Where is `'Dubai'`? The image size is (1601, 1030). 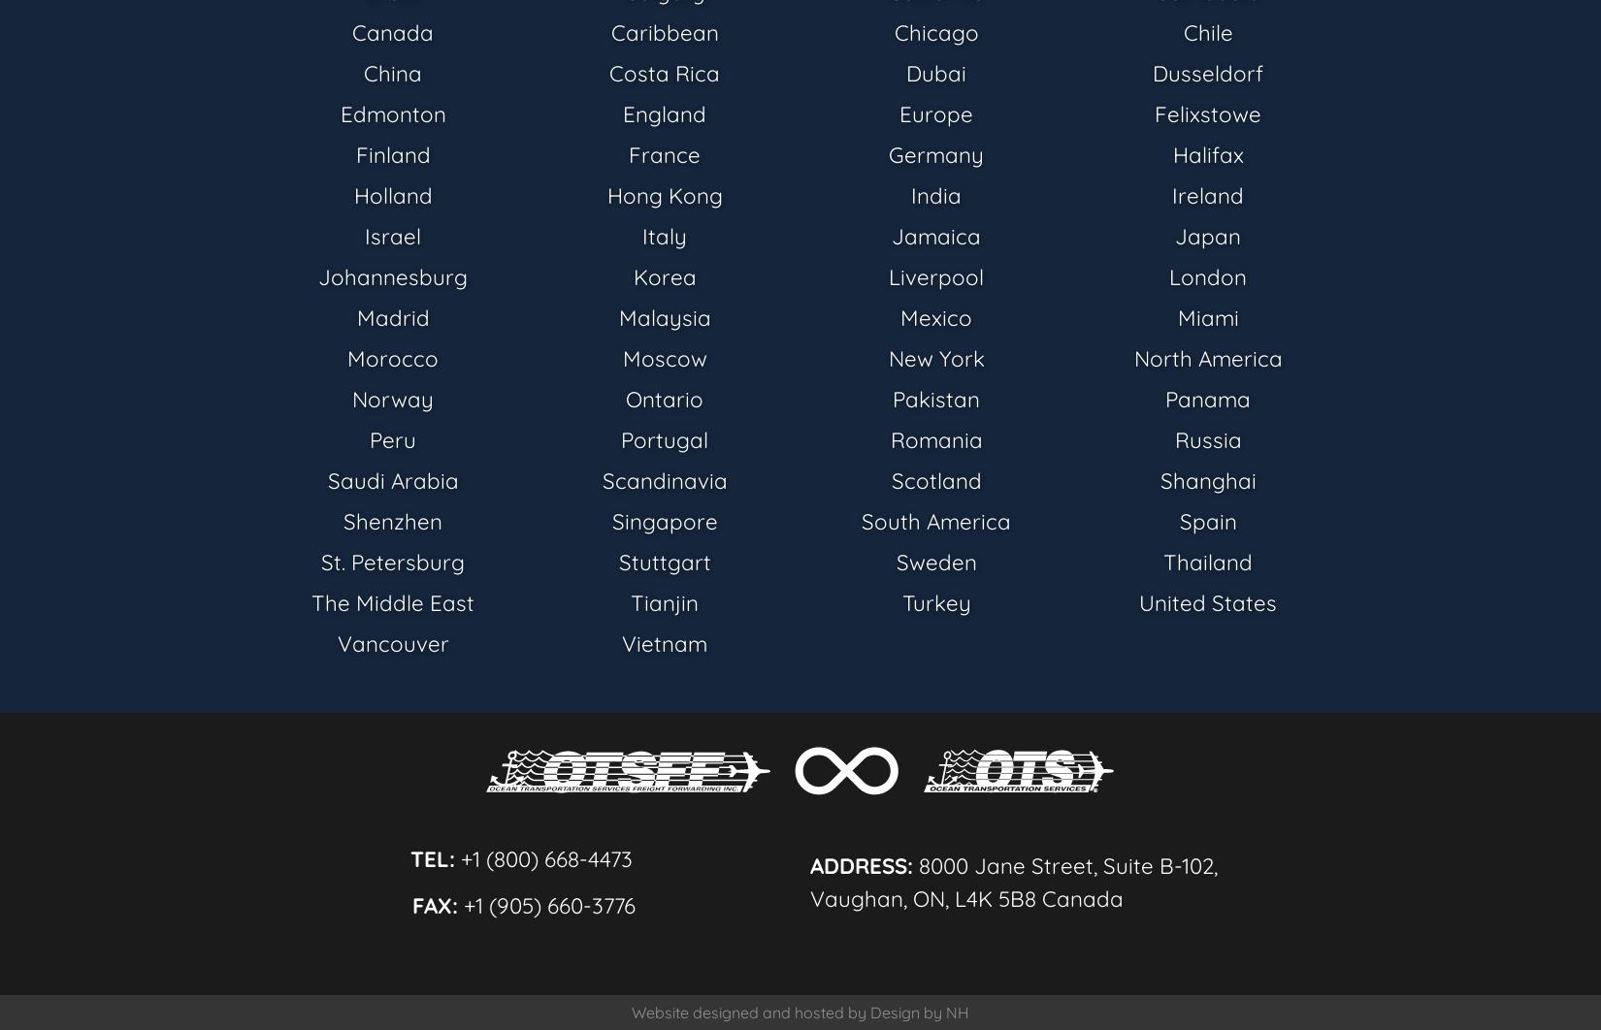 'Dubai' is located at coordinates (935, 72).